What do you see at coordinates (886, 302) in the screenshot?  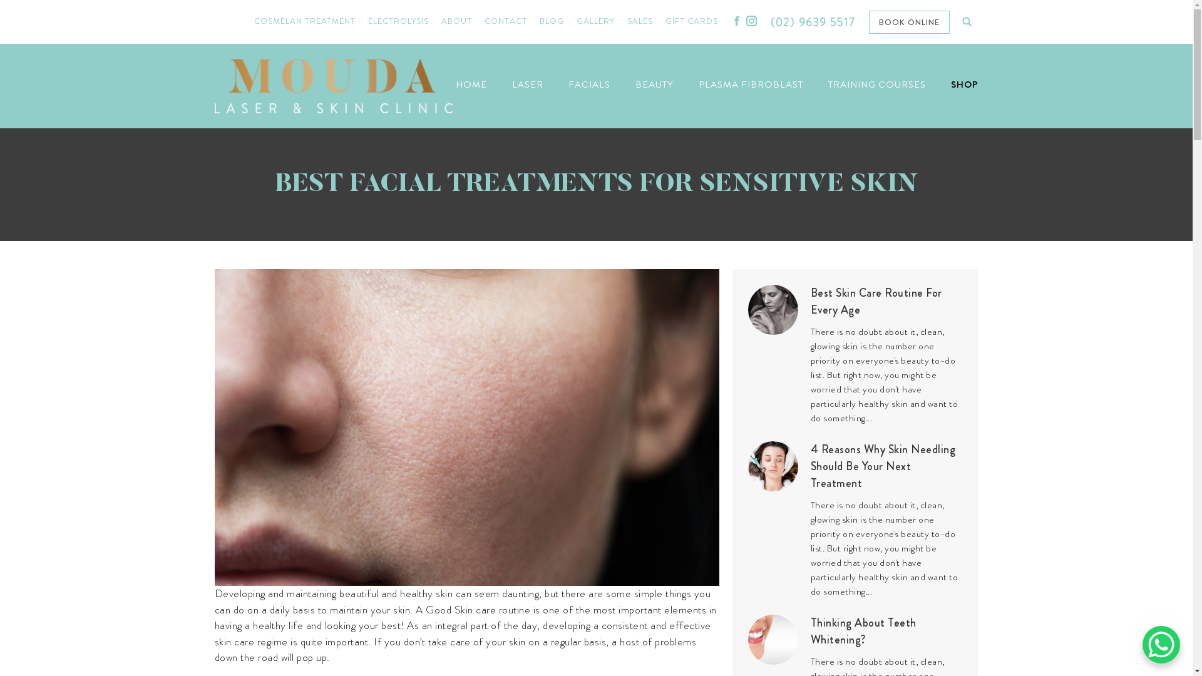 I see `'Best Skin Care Routine For Every Age'` at bounding box center [886, 302].